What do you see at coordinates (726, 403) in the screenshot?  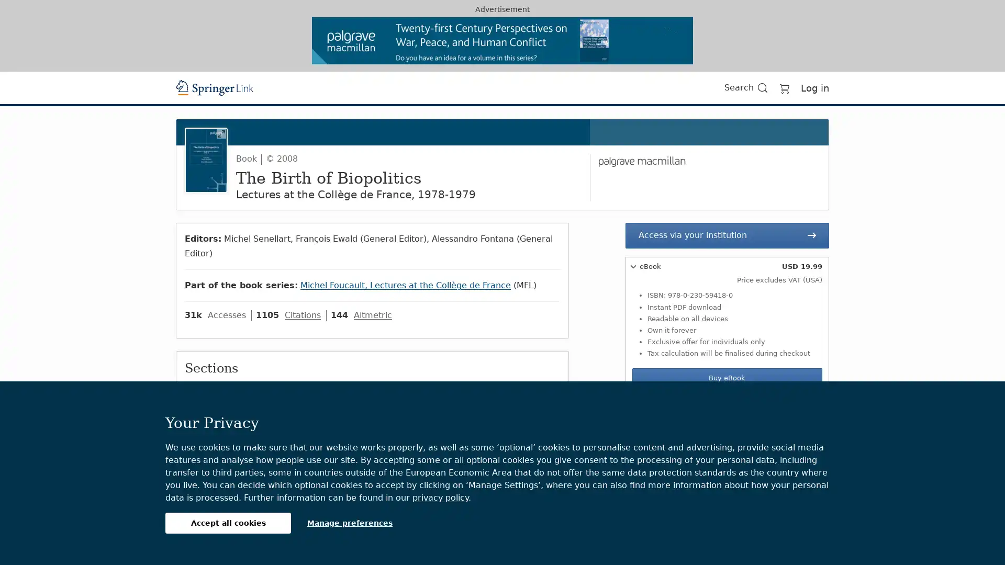 I see `Softcover Book USD 29.99` at bounding box center [726, 403].